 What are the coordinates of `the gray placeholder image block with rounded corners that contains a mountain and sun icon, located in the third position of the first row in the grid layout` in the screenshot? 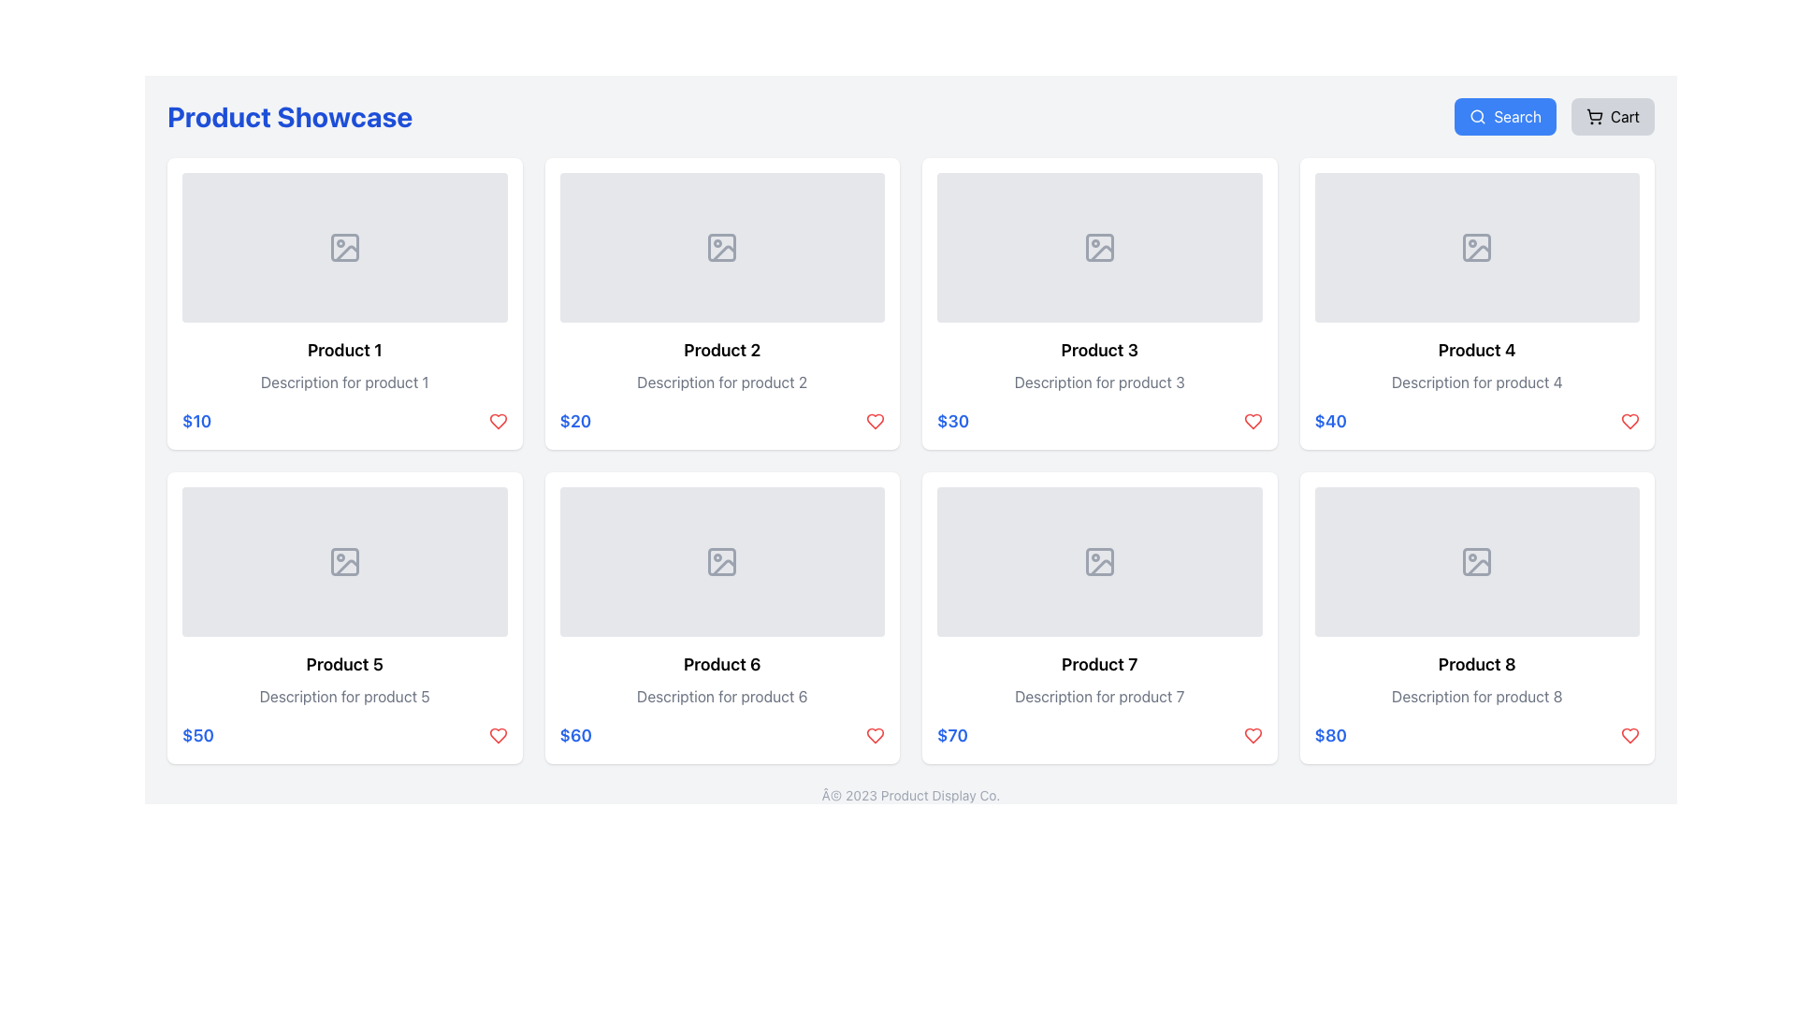 It's located at (1099, 247).